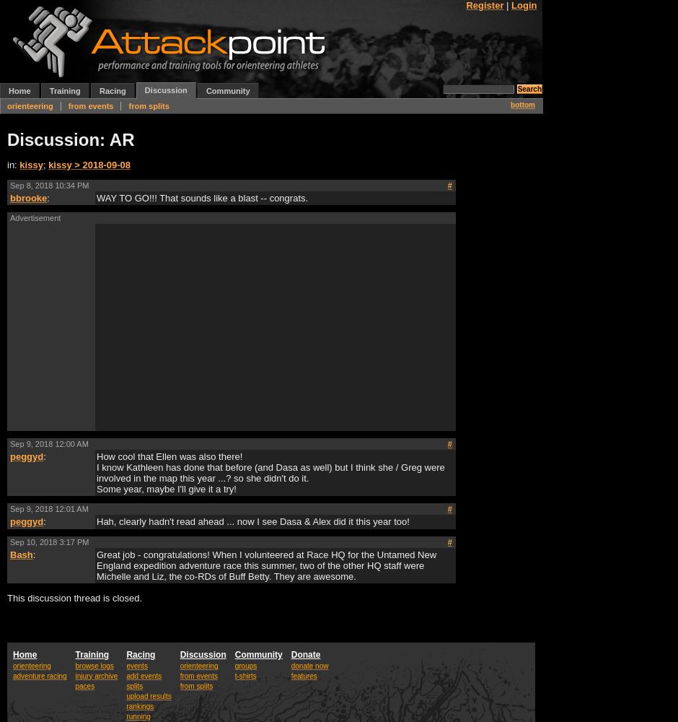 The image size is (678, 722). Describe the element at coordinates (252, 521) in the screenshot. I see `'Hah, clearly hadn't read ahead ... now I see Dasa & Alex did it this year too!'` at that location.